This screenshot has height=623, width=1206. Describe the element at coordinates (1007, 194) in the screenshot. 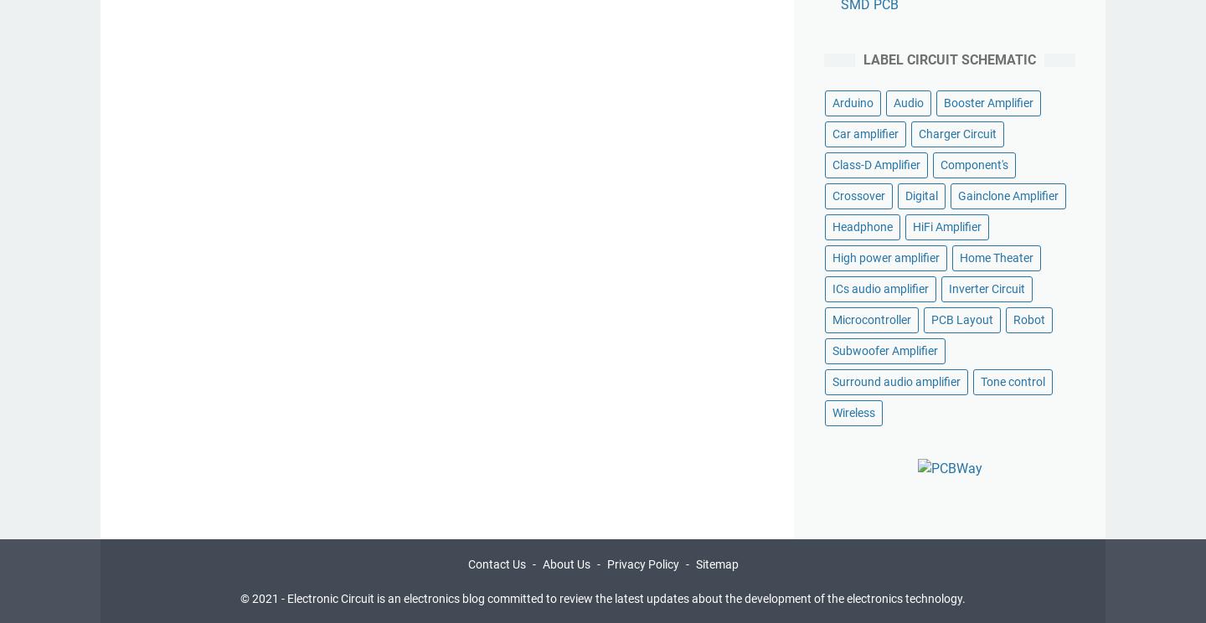

I see `'Gainclone Amplifier'` at that location.